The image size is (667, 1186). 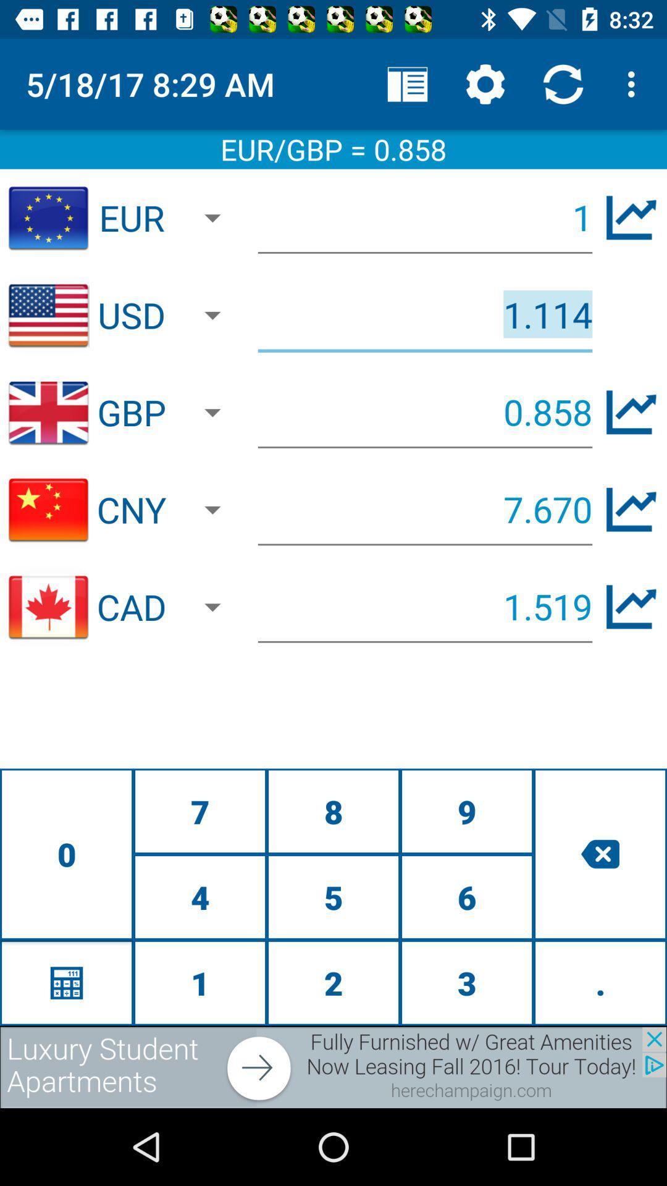 What do you see at coordinates (631, 217) in the screenshot?
I see `open graph` at bounding box center [631, 217].